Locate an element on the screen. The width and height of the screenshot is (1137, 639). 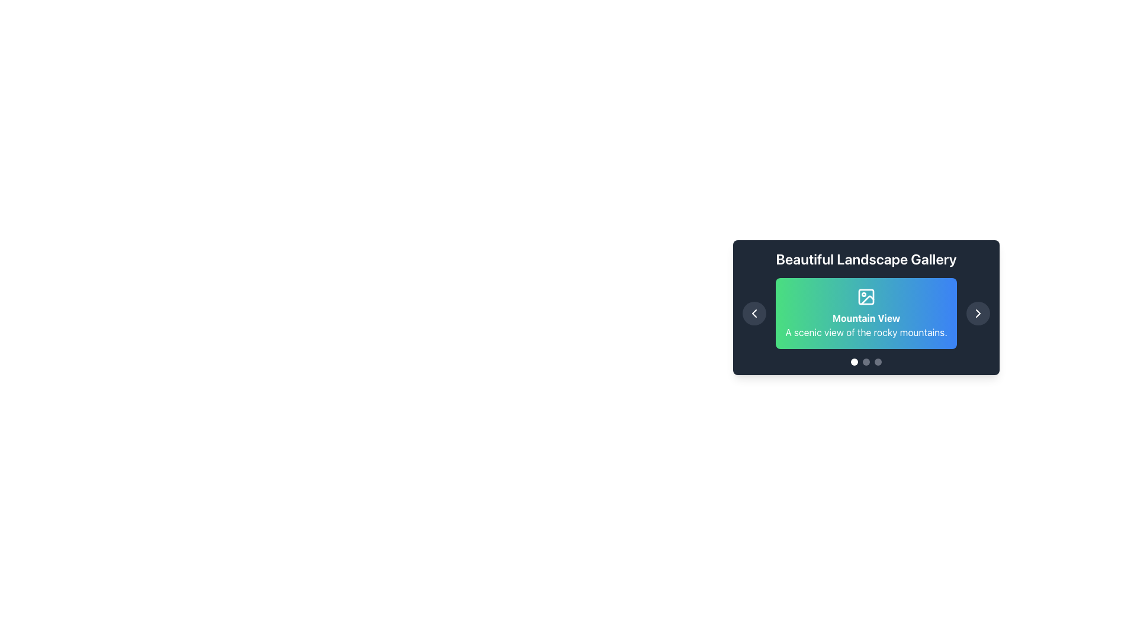
the right-facing chevron icon within the circular button on the far right side of the 'Beautiful Landscape Gallery' content card is located at coordinates (978, 312).